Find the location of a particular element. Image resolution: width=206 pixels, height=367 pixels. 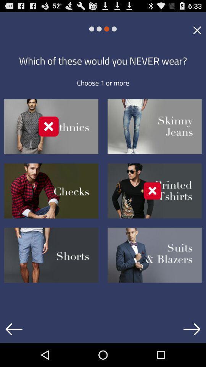

advertisement is located at coordinates (197, 30).